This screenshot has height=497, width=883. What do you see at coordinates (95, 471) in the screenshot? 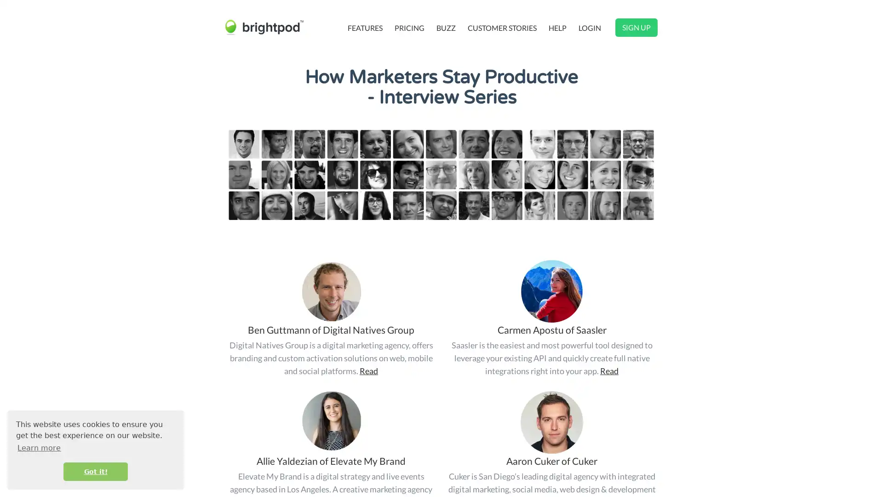
I see `dismiss cookie message` at bounding box center [95, 471].